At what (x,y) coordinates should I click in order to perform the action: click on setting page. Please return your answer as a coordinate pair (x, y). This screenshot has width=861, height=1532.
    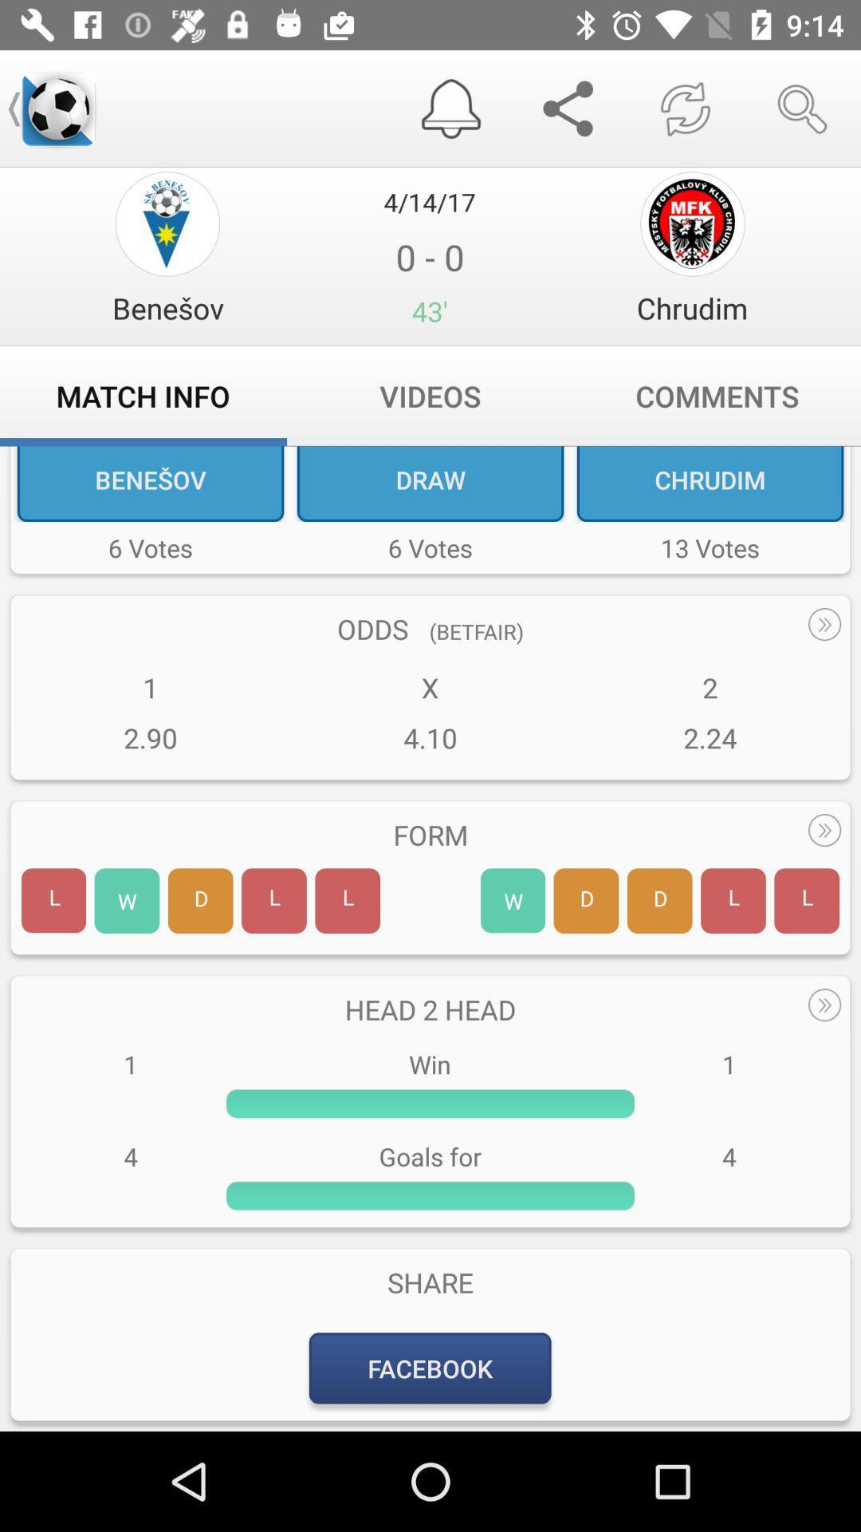
    Looking at the image, I should click on (691, 223).